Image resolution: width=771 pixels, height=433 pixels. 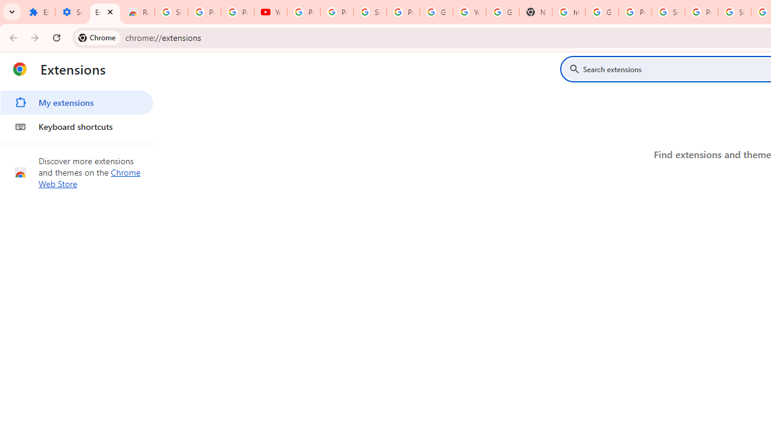 I want to click on 'Reviews: Helix Fruit Jump Arcade Game', so click(x=138, y=12).